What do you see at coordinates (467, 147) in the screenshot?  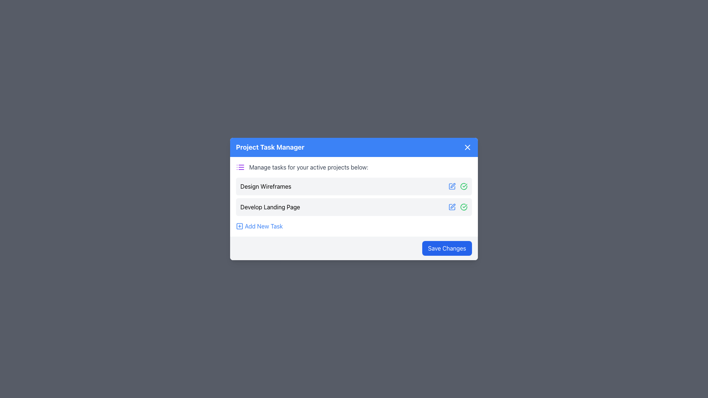 I see `the close icon in the upper-right corner of the 'Project Task Manager' modal` at bounding box center [467, 147].